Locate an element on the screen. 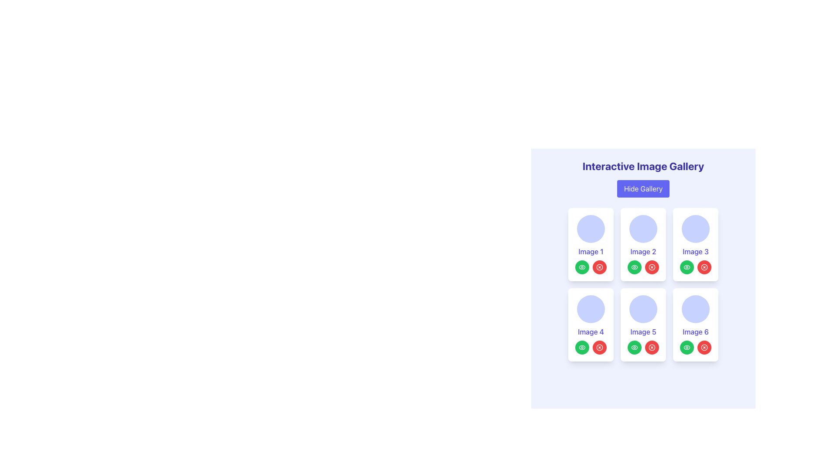  keyboard navigation is located at coordinates (591, 267).